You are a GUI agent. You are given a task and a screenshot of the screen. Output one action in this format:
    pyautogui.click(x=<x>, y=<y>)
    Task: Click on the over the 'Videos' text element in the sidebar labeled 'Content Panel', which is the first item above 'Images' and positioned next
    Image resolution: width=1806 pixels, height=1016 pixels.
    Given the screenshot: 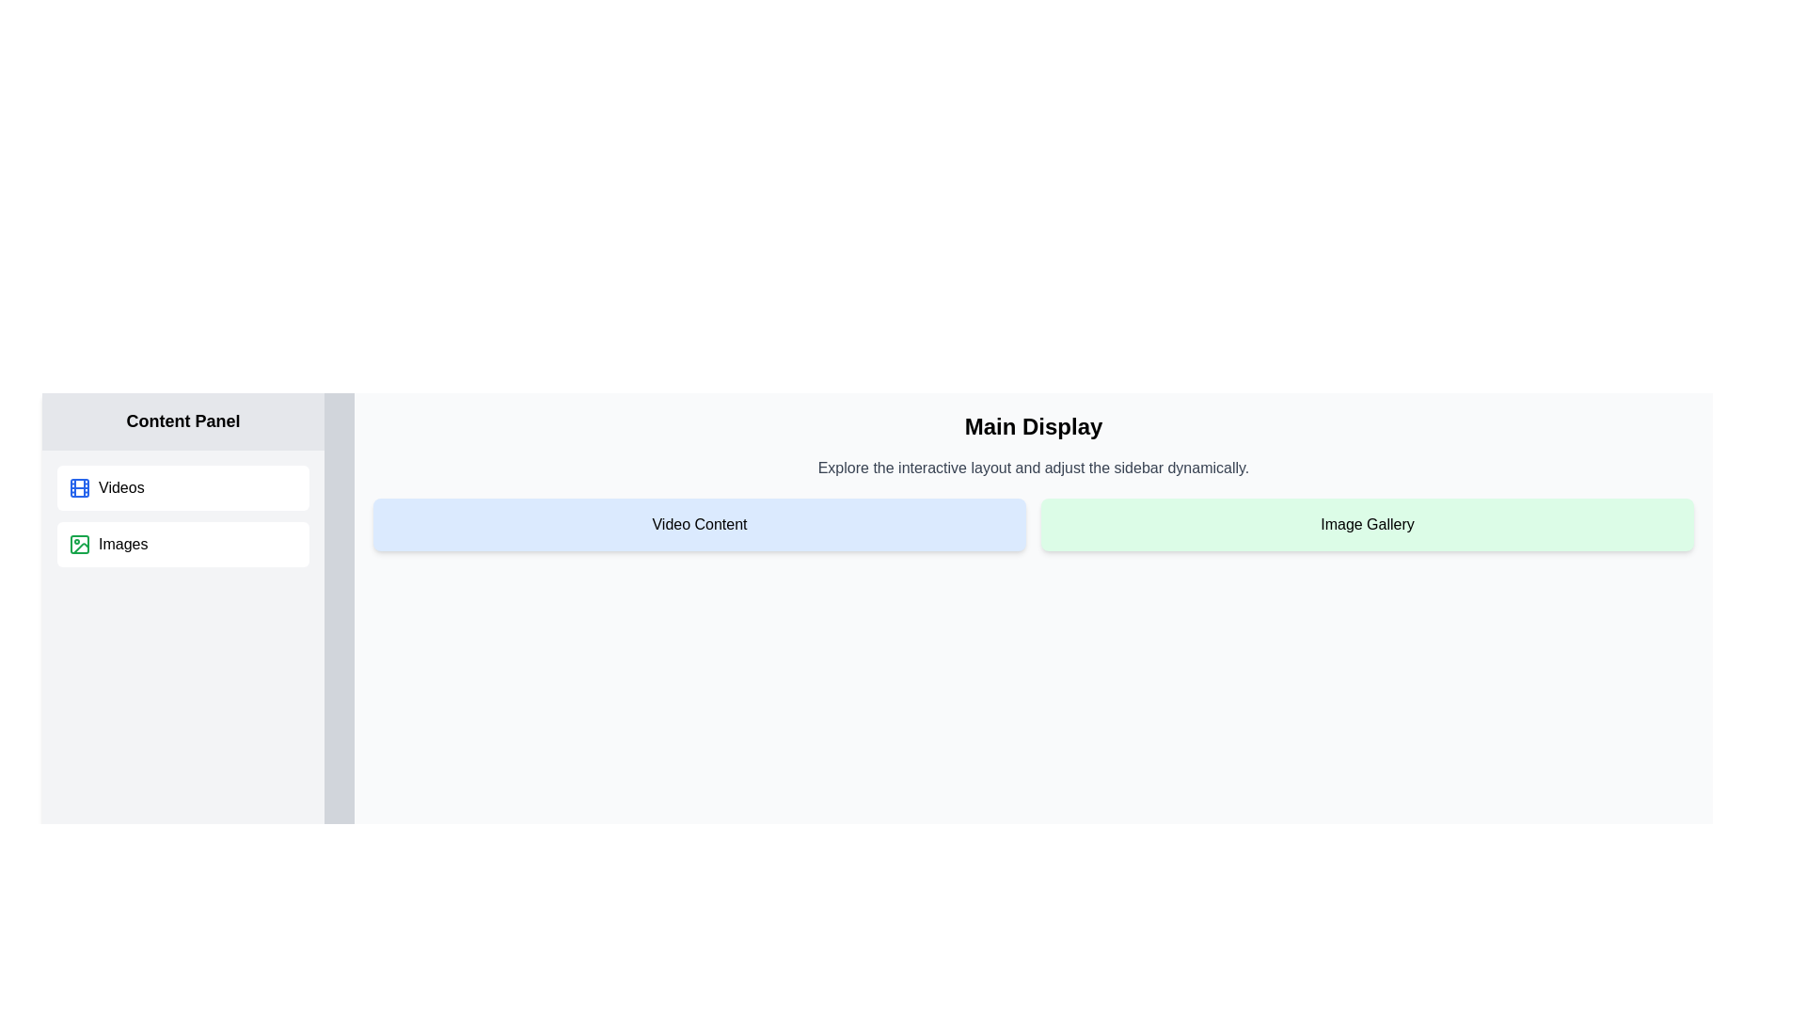 What is the action you would take?
    pyautogui.click(x=120, y=487)
    